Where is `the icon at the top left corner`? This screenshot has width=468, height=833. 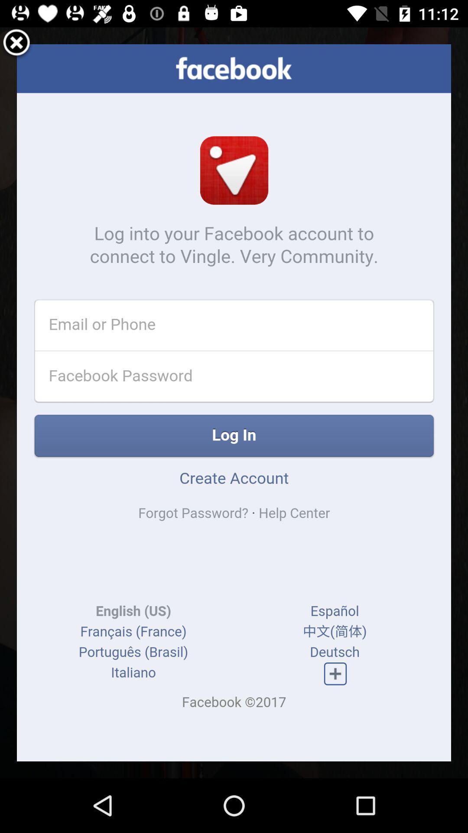 the icon at the top left corner is located at coordinates (16, 43).